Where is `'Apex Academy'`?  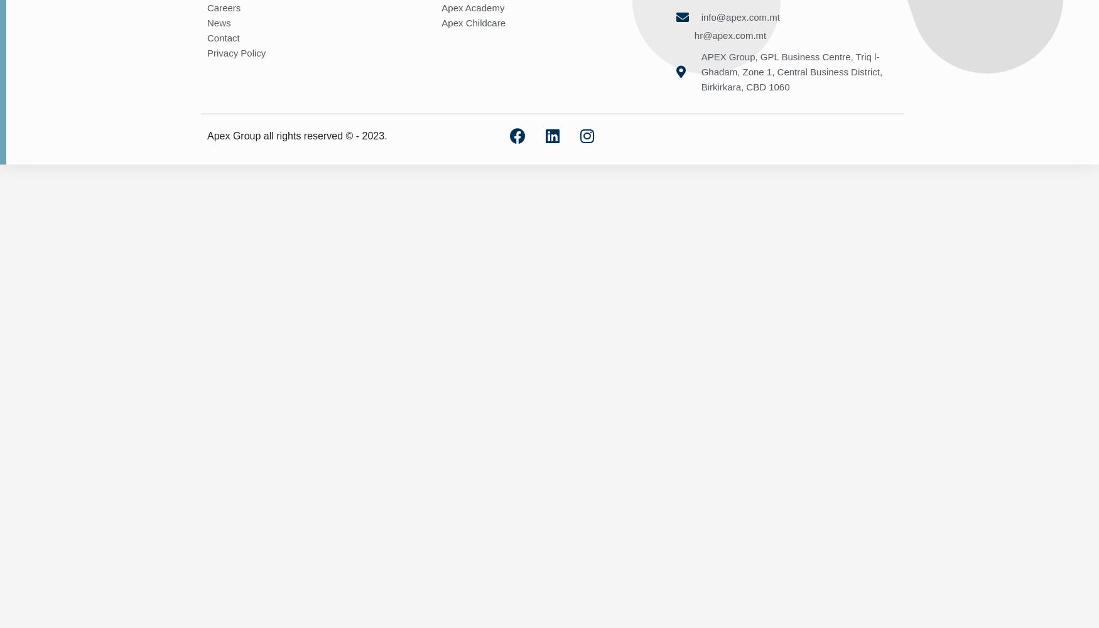
'Apex Academy' is located at coordinates (472, 7).